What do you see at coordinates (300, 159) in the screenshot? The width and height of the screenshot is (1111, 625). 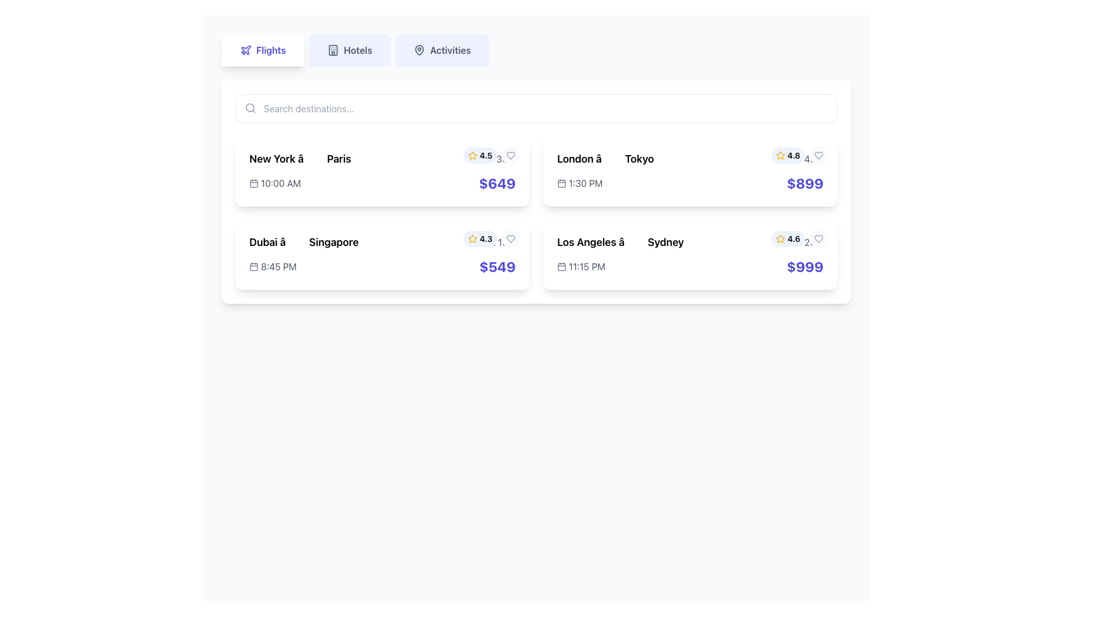 I see `the Text label displaying 'New York â†’ Paris'` at bounding box center [300, 159].